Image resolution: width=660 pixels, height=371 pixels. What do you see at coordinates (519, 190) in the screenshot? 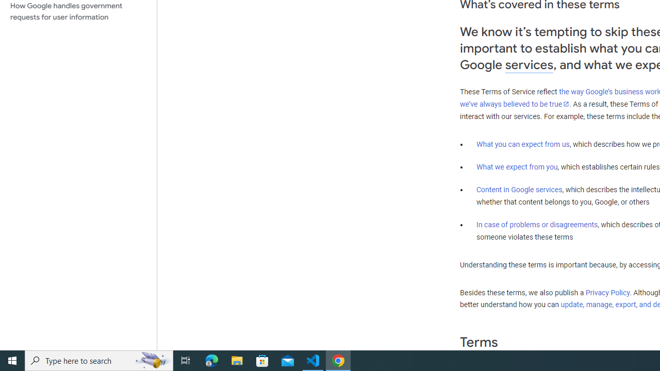
I see `'Content in Google services'` at bounding box center [519, 190].